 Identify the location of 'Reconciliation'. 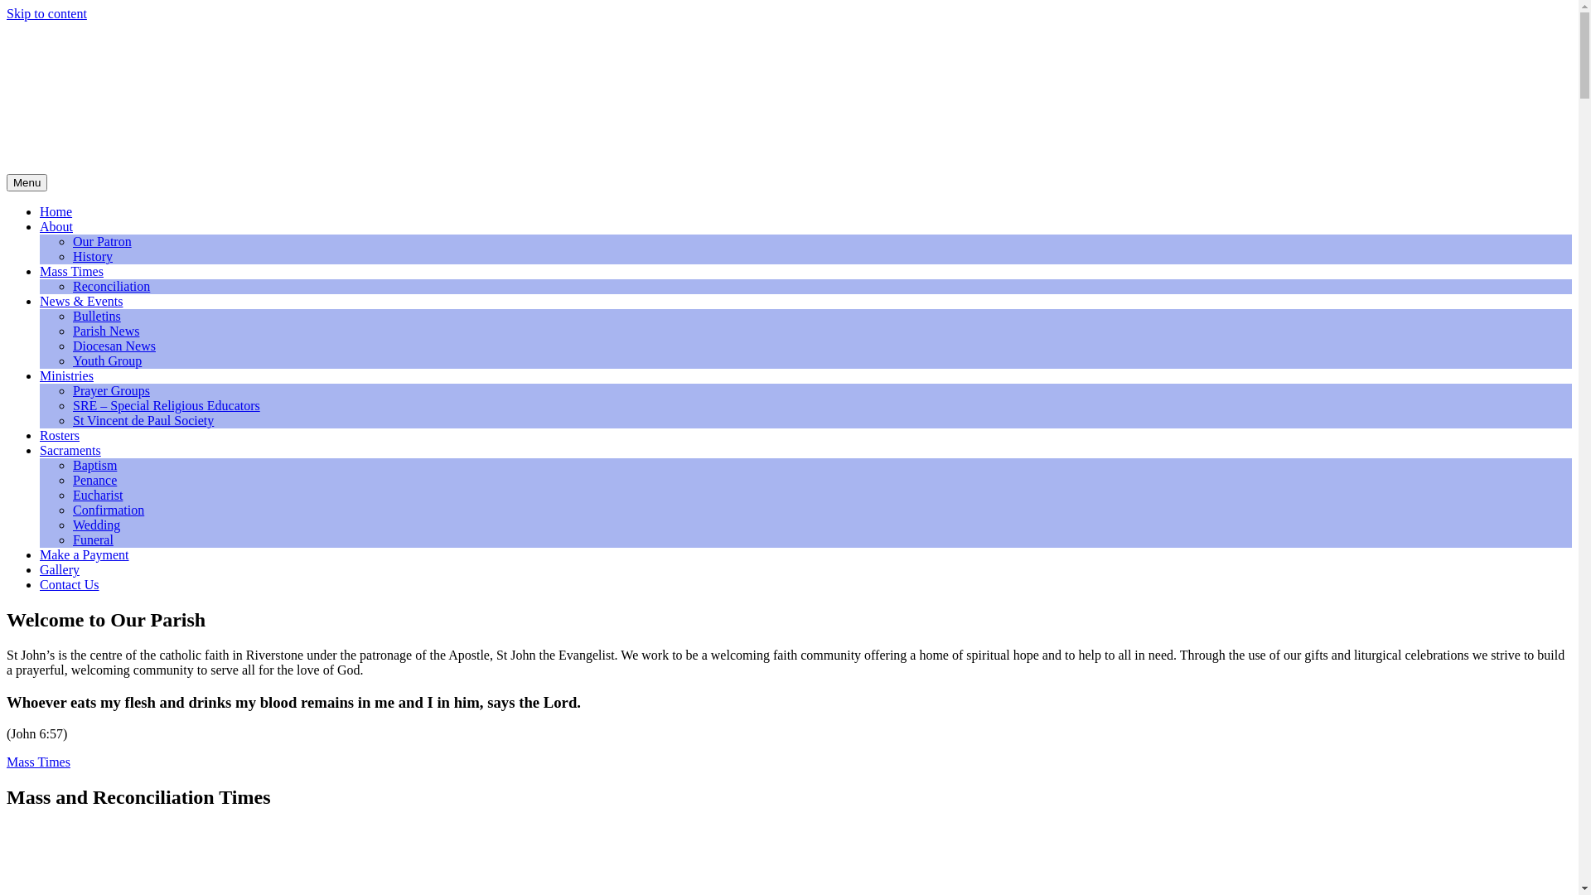
(110, 285).